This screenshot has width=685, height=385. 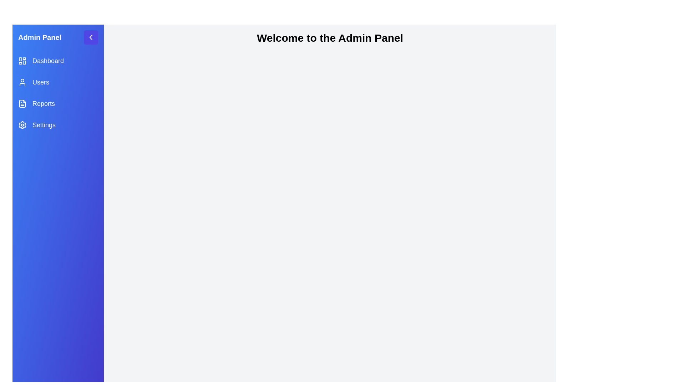 I want to click on the indigo square button with rounded edges and a leftward-pointing chevron icon located in the top-right corner of the 'Admin Panel' section header to trigger a visual state change, so click(x=90, y=37).